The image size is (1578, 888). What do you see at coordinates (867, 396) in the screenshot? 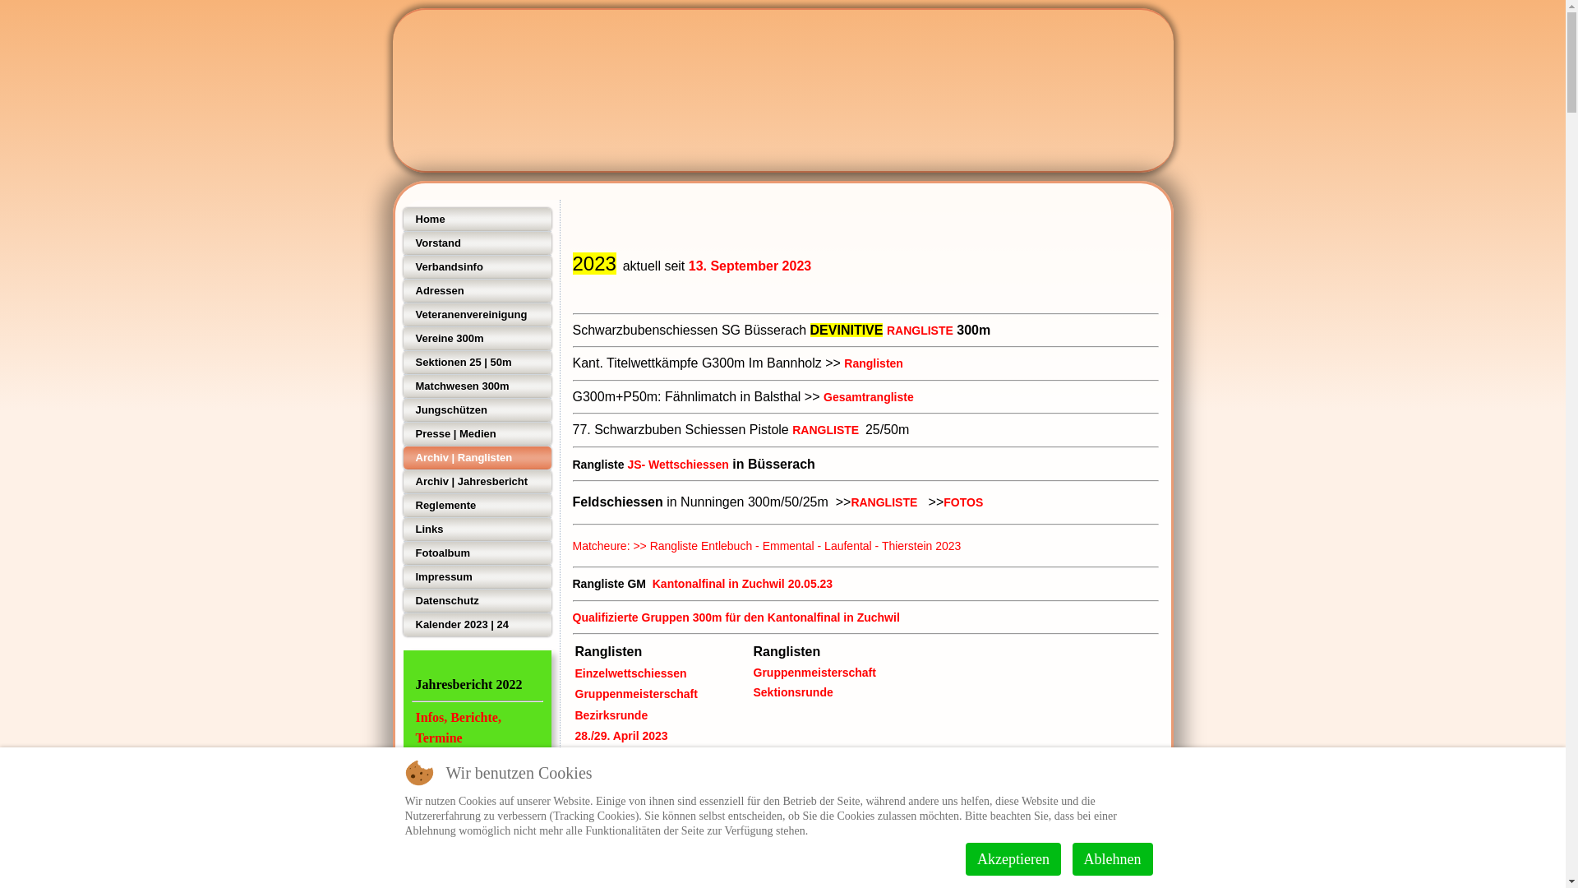
I see `'Gesamtrangliste'` at bounding box center [867, 396].